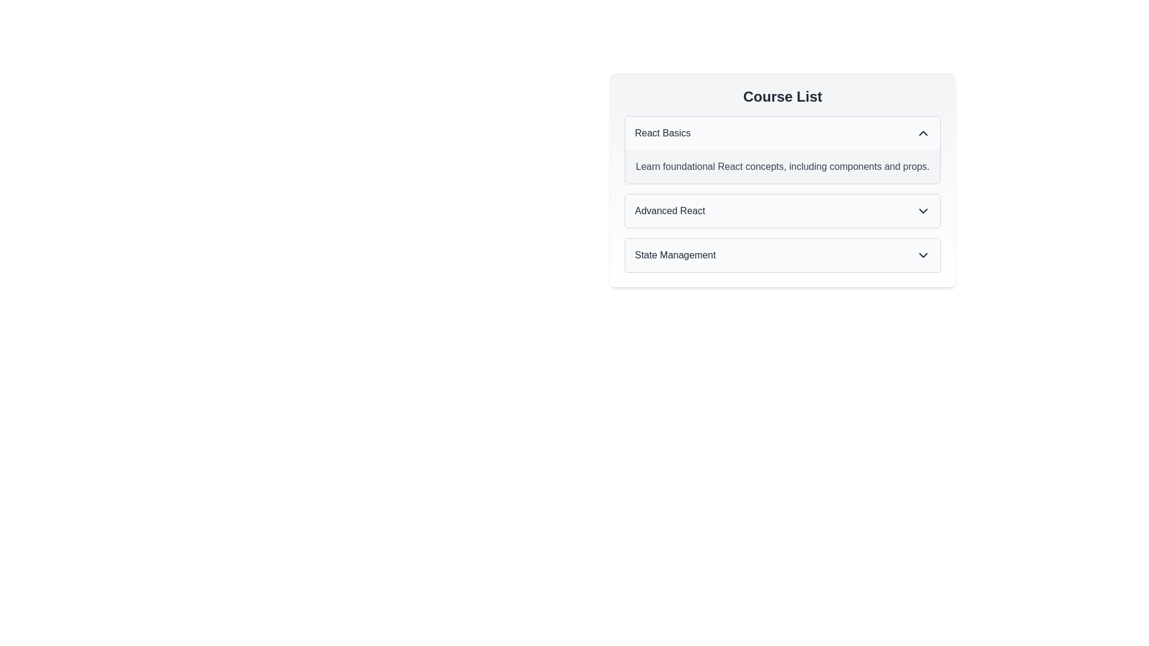 The image size is (1149, 646). I want to click on the collapsible section header for 'Advanced React' located in the second row of the 'Course List', so click(783, 211).